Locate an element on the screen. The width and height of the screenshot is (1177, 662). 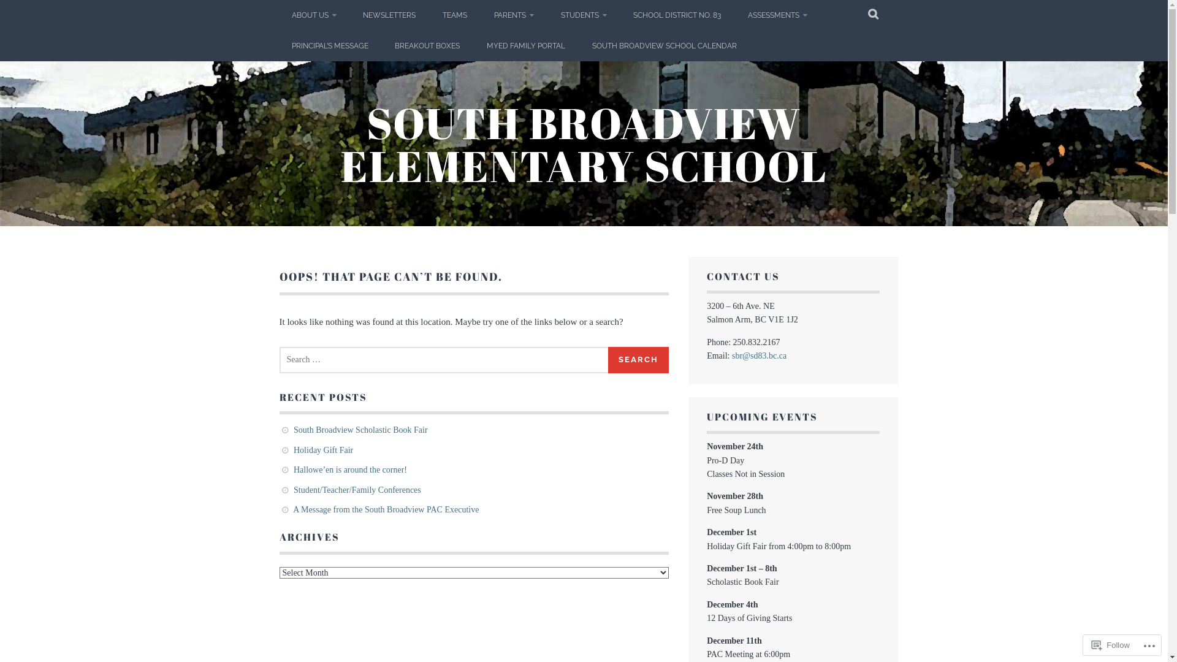
'SCHOOL DISTRICT NO. 83' is located at coordinates (676, 15).